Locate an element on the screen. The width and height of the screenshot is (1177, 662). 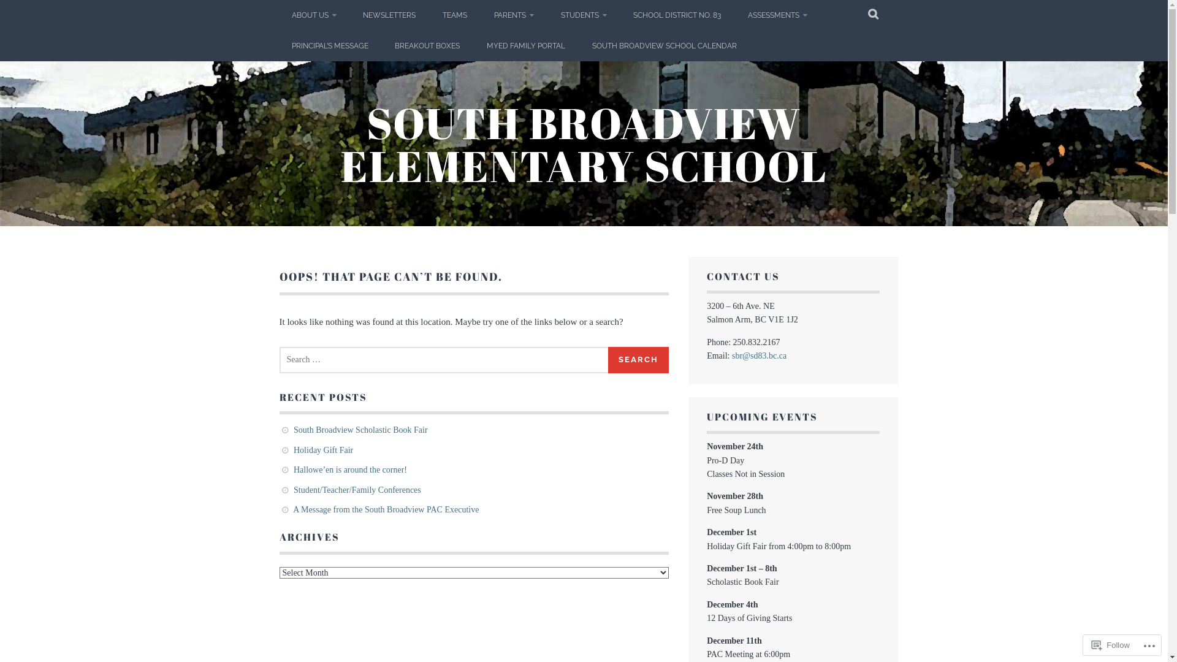
'SCHOOL DISTRICT NO. 83' is located at coordinates (676, 15).